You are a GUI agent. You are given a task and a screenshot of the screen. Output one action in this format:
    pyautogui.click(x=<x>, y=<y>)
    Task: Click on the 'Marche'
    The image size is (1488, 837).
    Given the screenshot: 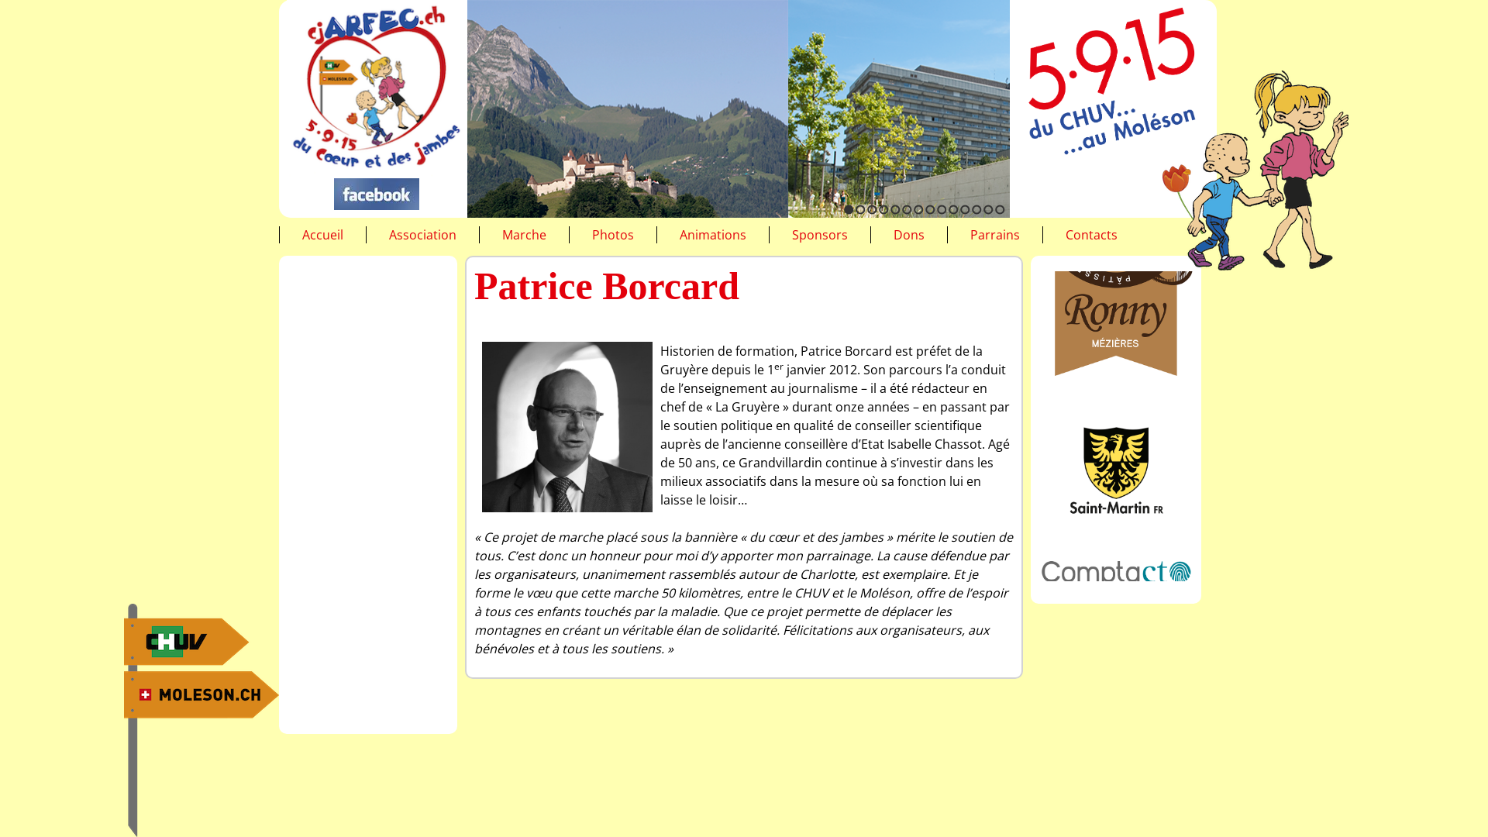 What is the action you would take?
    pyautogui.click(x=524, y=235)
    